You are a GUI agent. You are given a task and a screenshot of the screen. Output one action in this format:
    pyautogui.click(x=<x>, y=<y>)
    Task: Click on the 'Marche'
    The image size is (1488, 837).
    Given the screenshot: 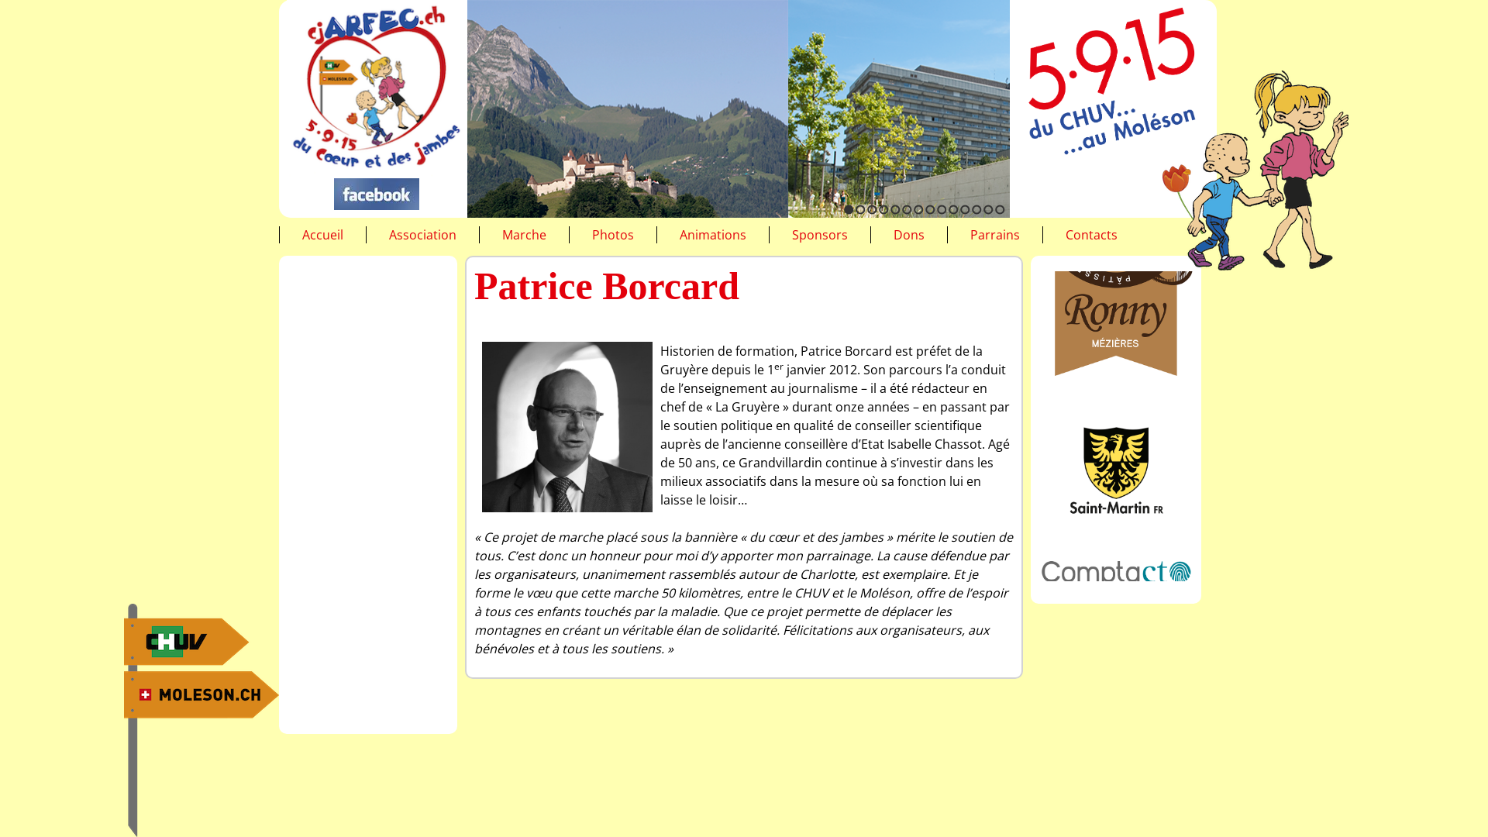 What is the action you would take?
    pyautogui.click(x=524, y=235)
    